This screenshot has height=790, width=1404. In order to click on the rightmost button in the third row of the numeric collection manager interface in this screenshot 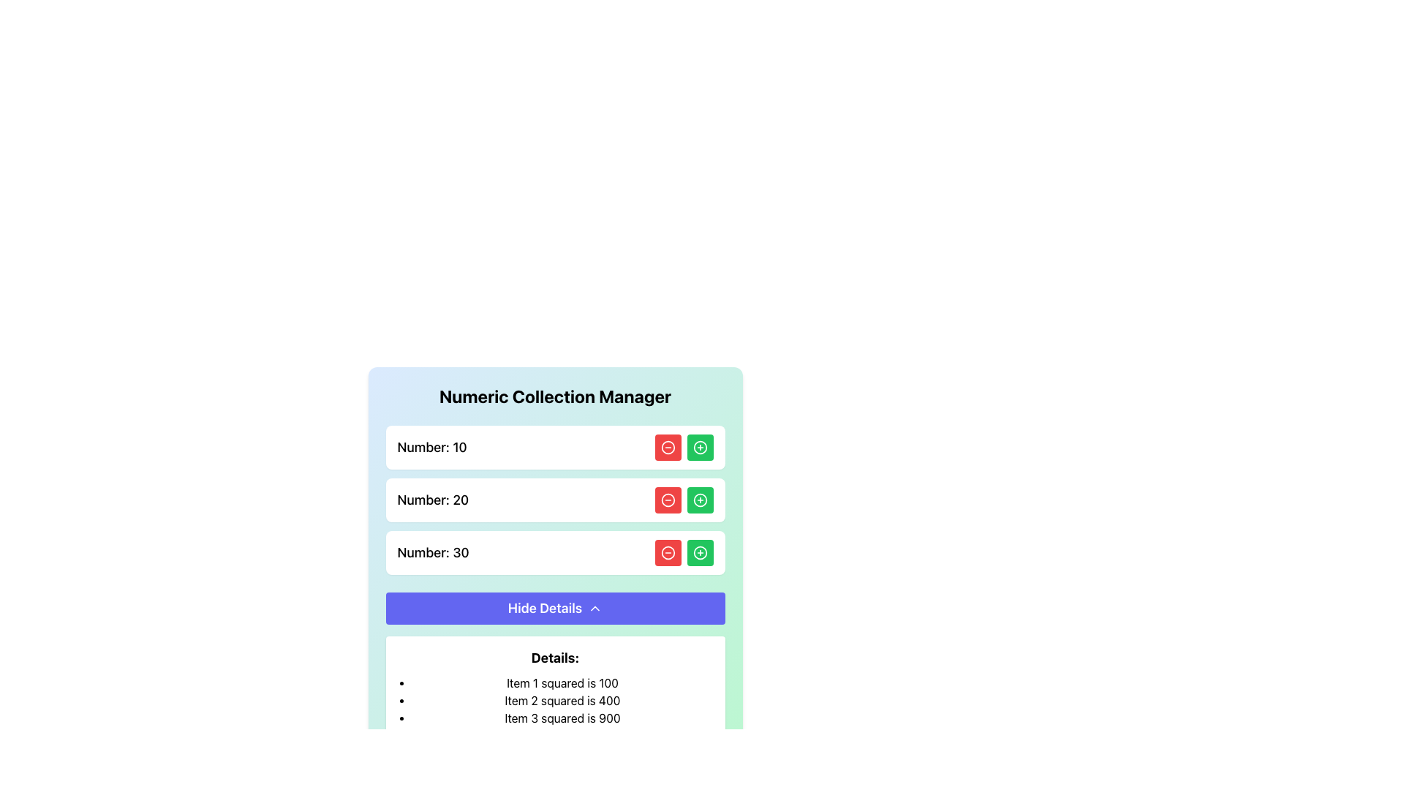, I will do `click(699, 553)`.